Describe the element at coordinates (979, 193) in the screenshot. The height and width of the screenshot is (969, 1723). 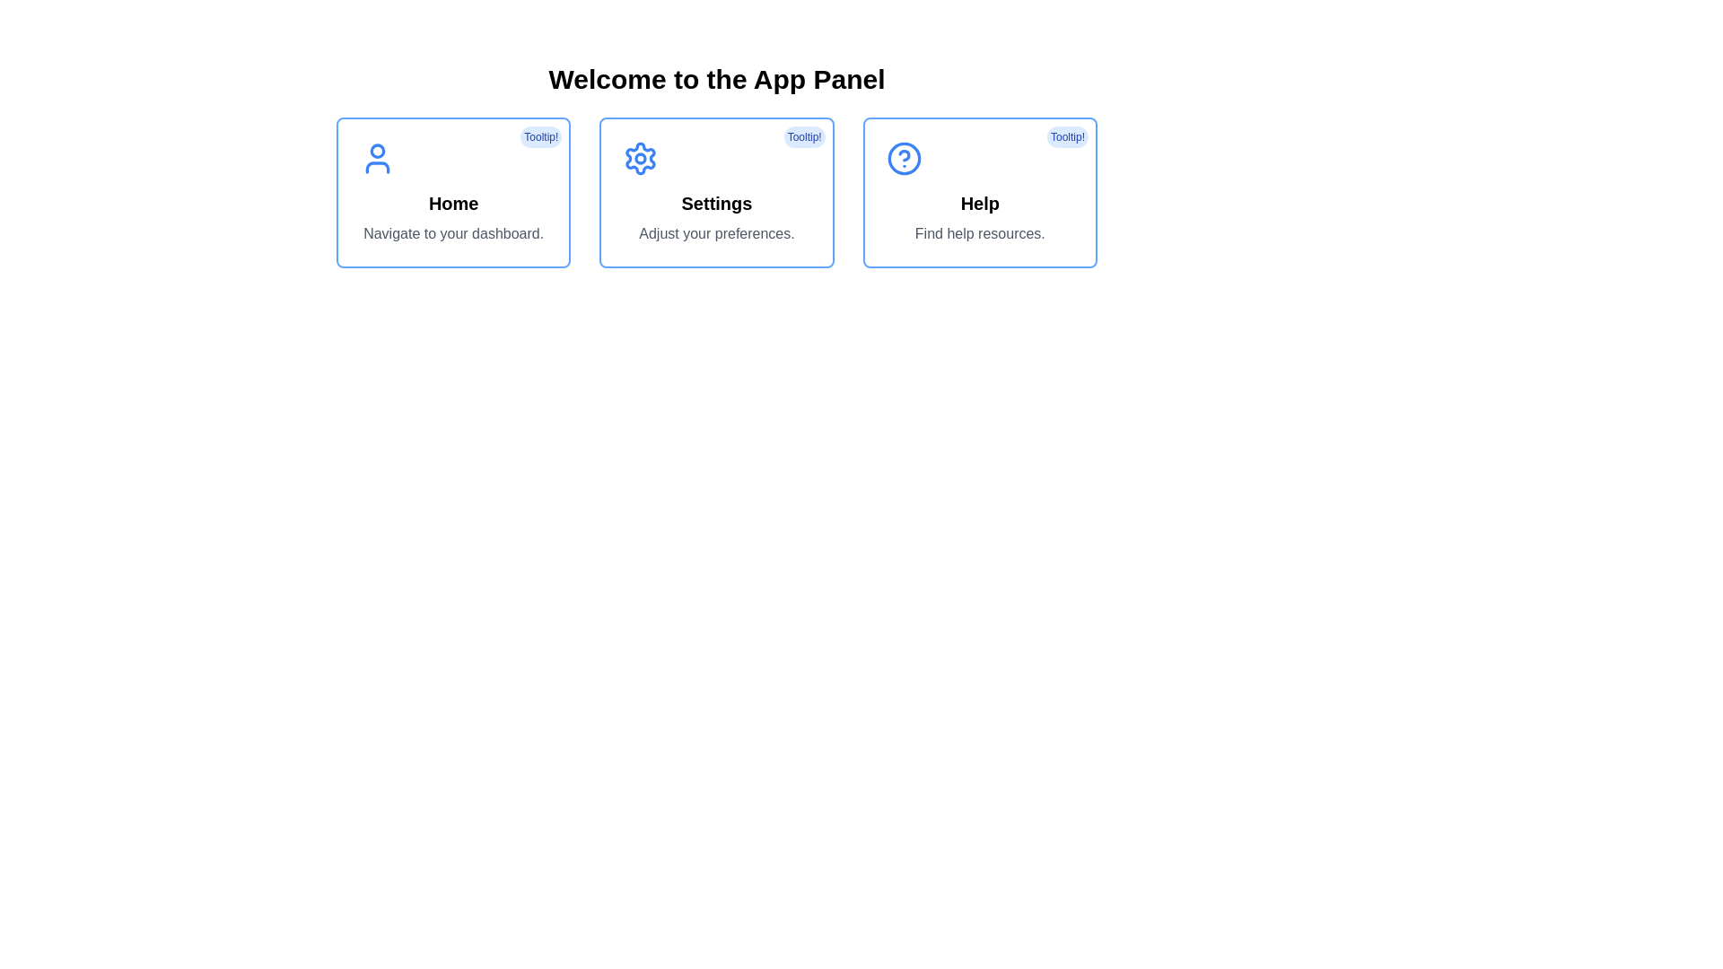
I see `the Interactive Card, which is the third card in a horizontal row of three located in the upper-right quadrant of the viewport` at that location.